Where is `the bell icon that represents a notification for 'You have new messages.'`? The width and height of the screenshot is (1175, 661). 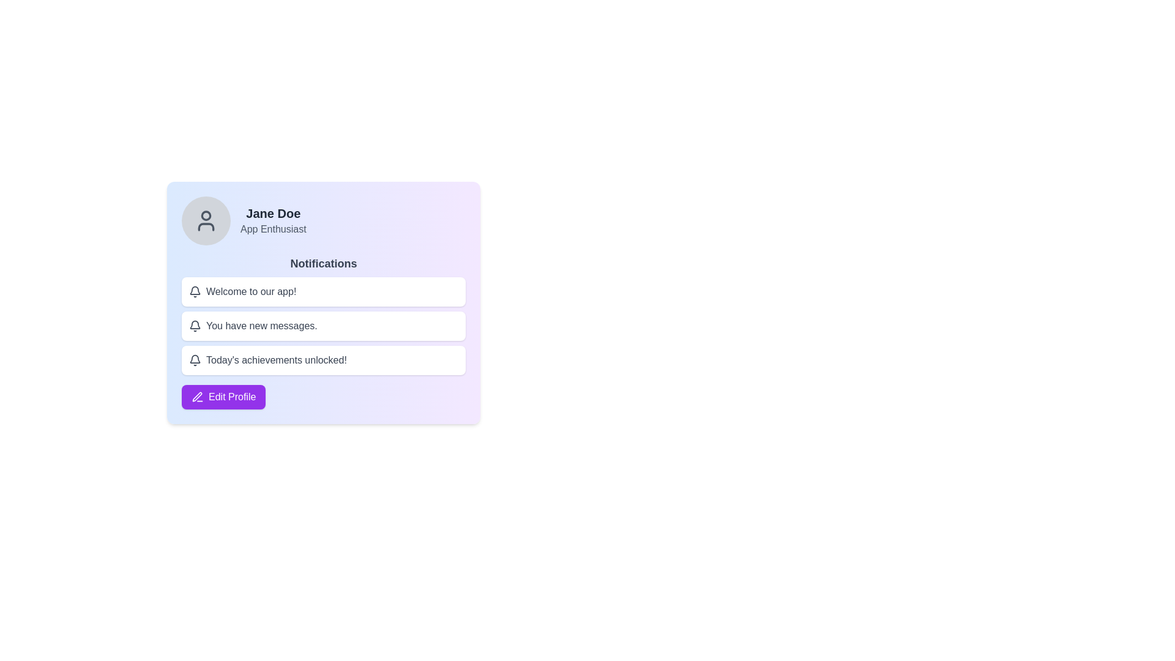 the bell icon that represents a notification for 'You have new messages.' is located at coordinates (194, 290).